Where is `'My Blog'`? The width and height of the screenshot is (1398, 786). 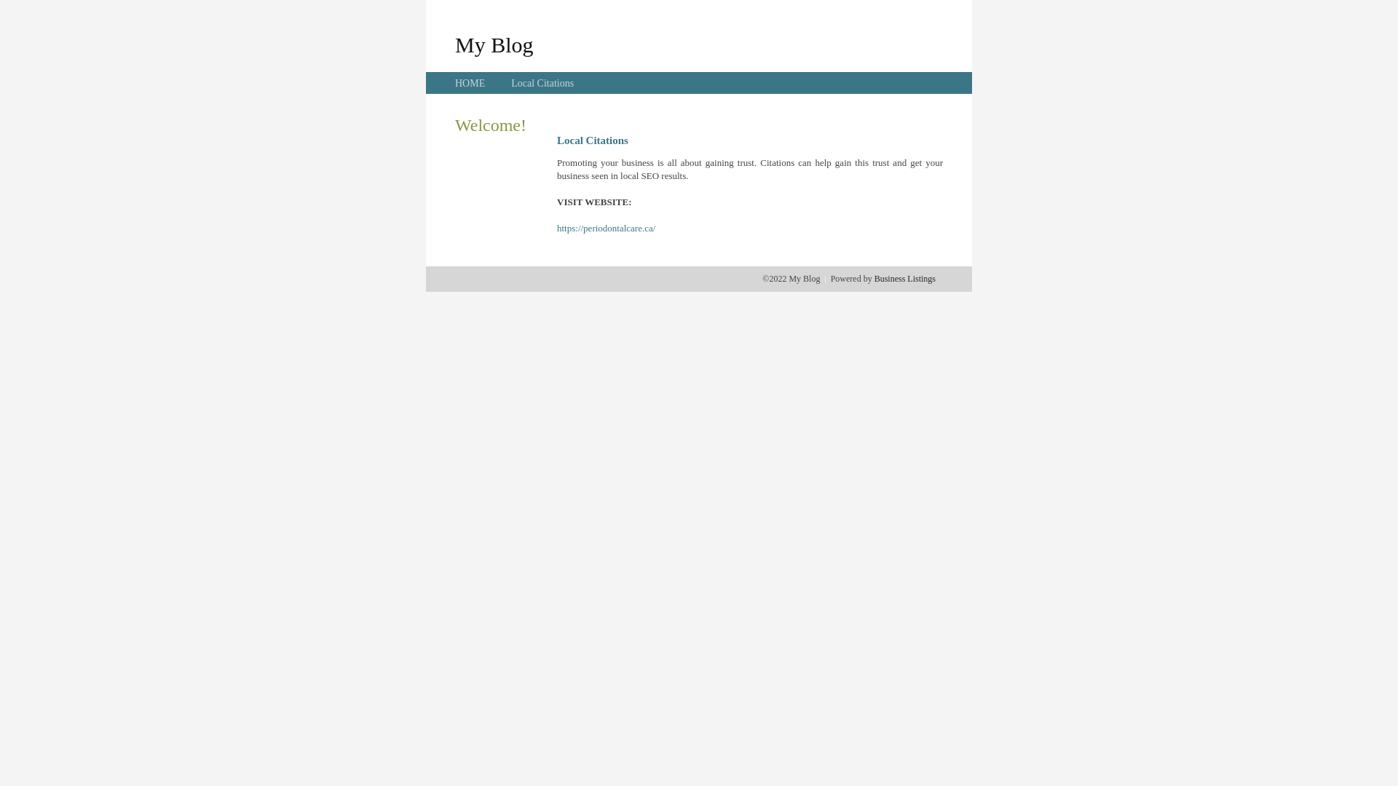
'My Blog' is located at coordinates (494, 44).